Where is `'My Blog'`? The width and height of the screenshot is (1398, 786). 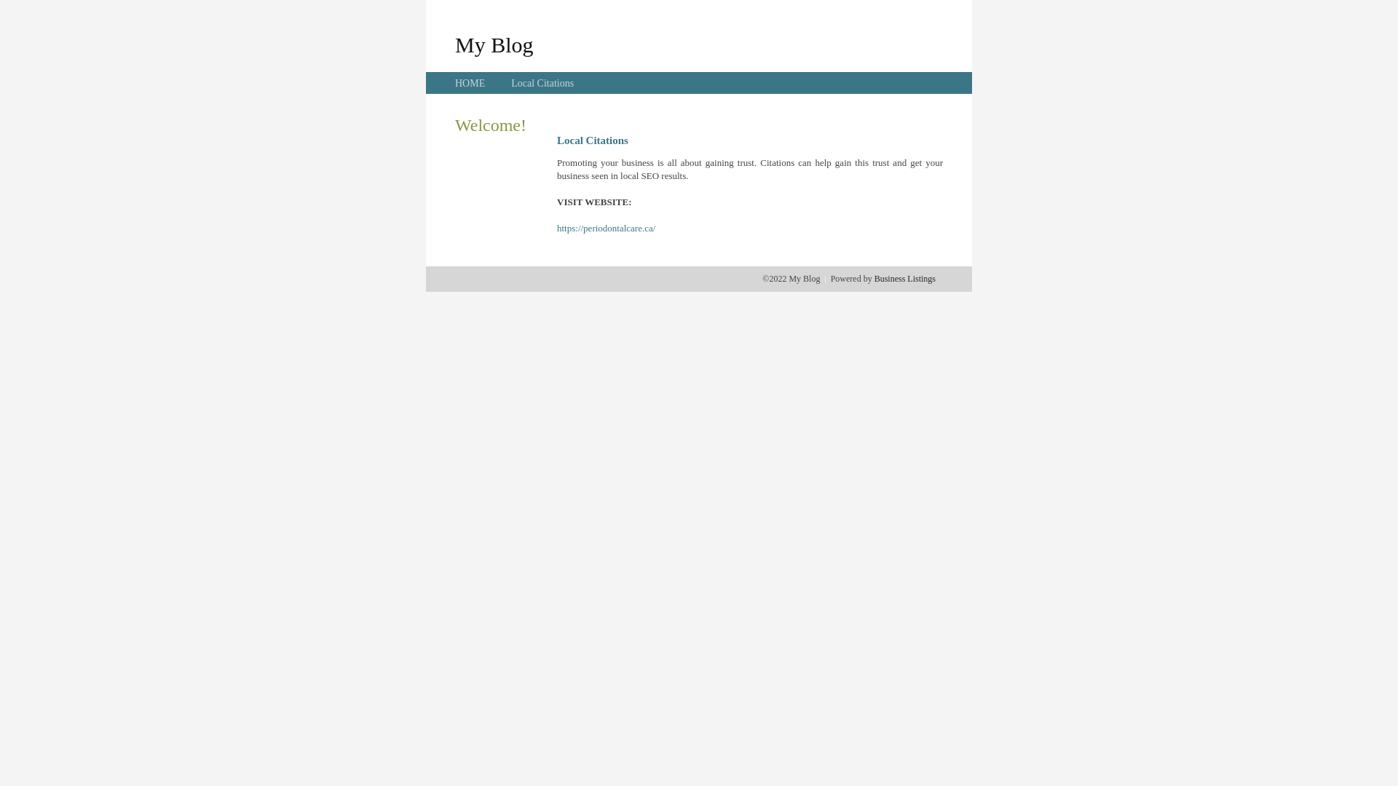
'My Blog' is located at coordinates (494, 44).